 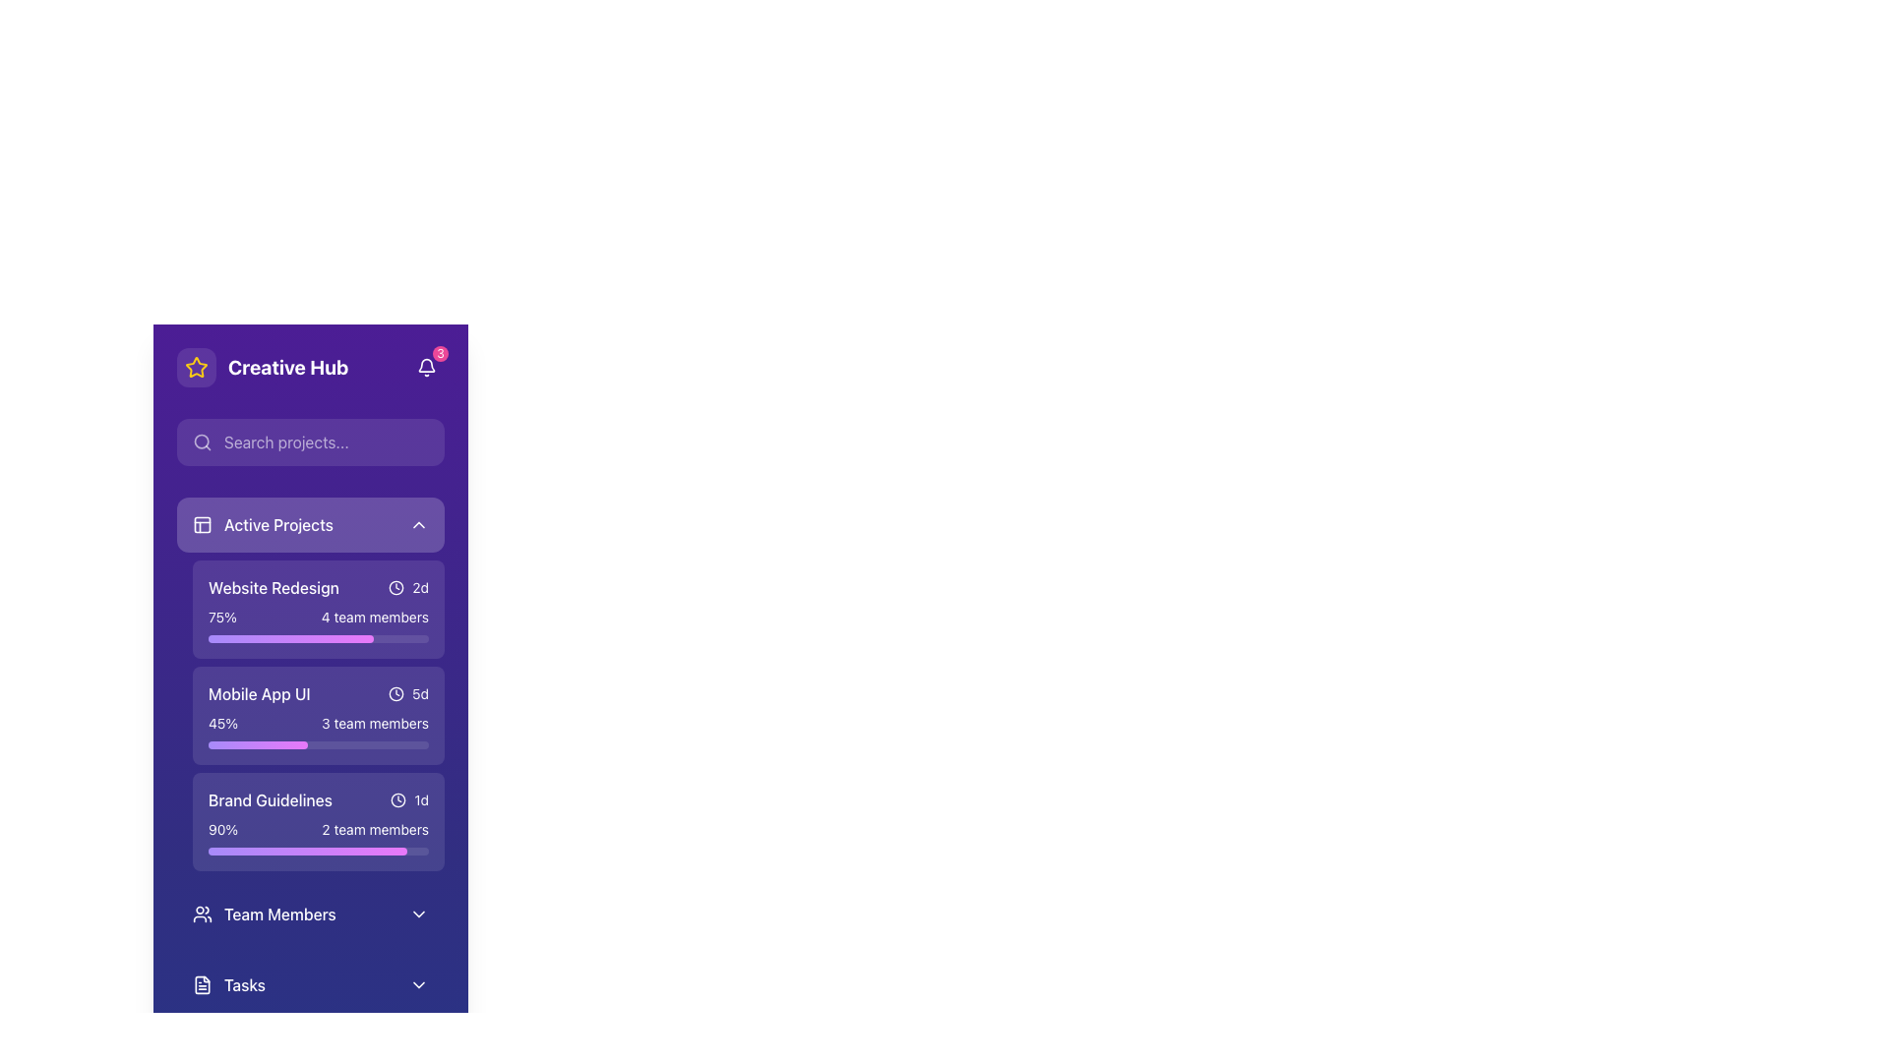 I want to click on text label displaying '45%' in white font, which is positioned within the 'Mobile App UI' card in the 'Active Projects' section, so click(x=223, y=724).